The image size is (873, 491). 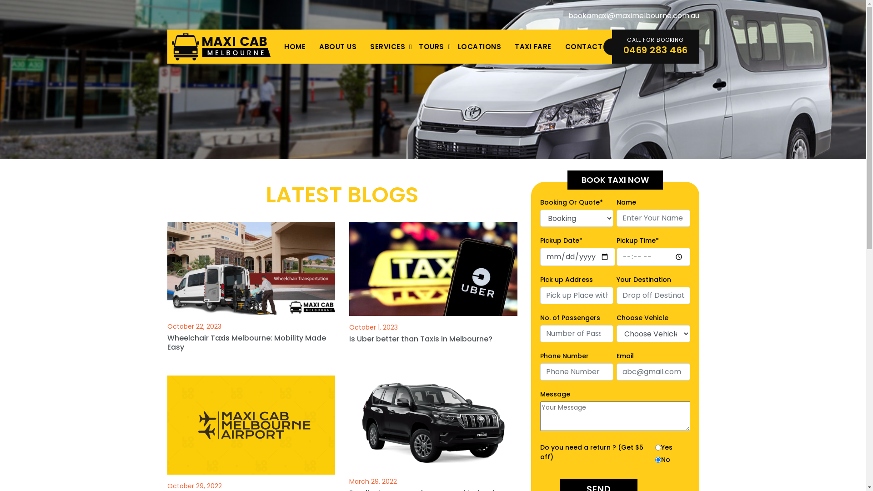 What do you see at coordinates (655, 50) in the screenshot?
I see `'0469 283 466'` at bounding box center [655, 50].